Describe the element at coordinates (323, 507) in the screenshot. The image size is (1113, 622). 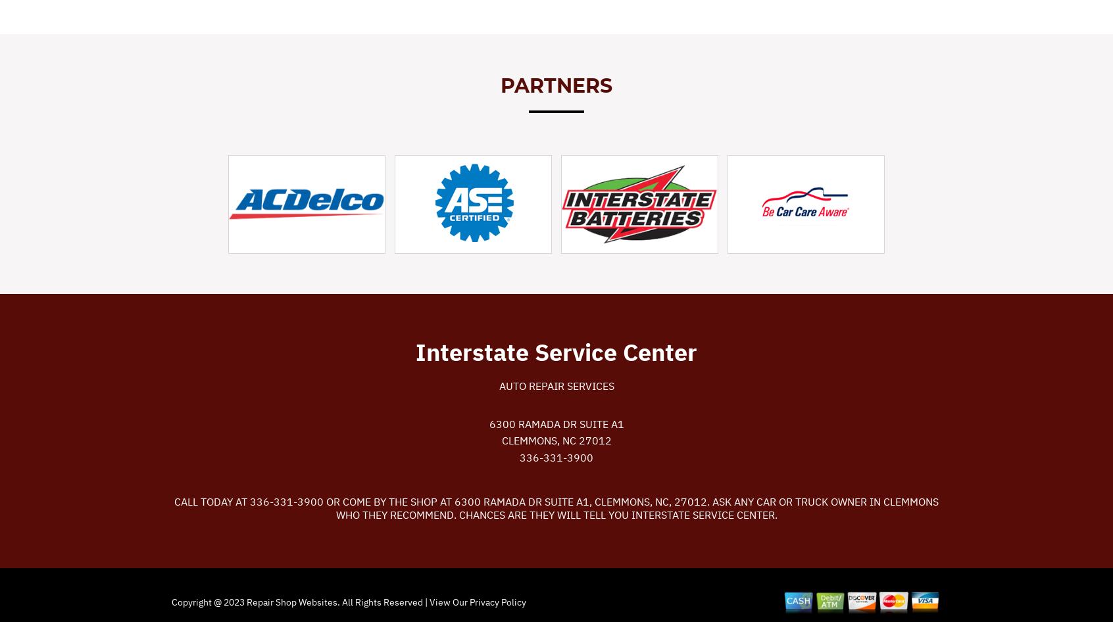
I see `'or come by the shop at 6300 Ramada Dr Suite A1, Clemmons, NC, 27012.   Ask any car or truck owner in Clemmons who they recommend. Chances are they will tell you Interstate Service Center.'` at that location.